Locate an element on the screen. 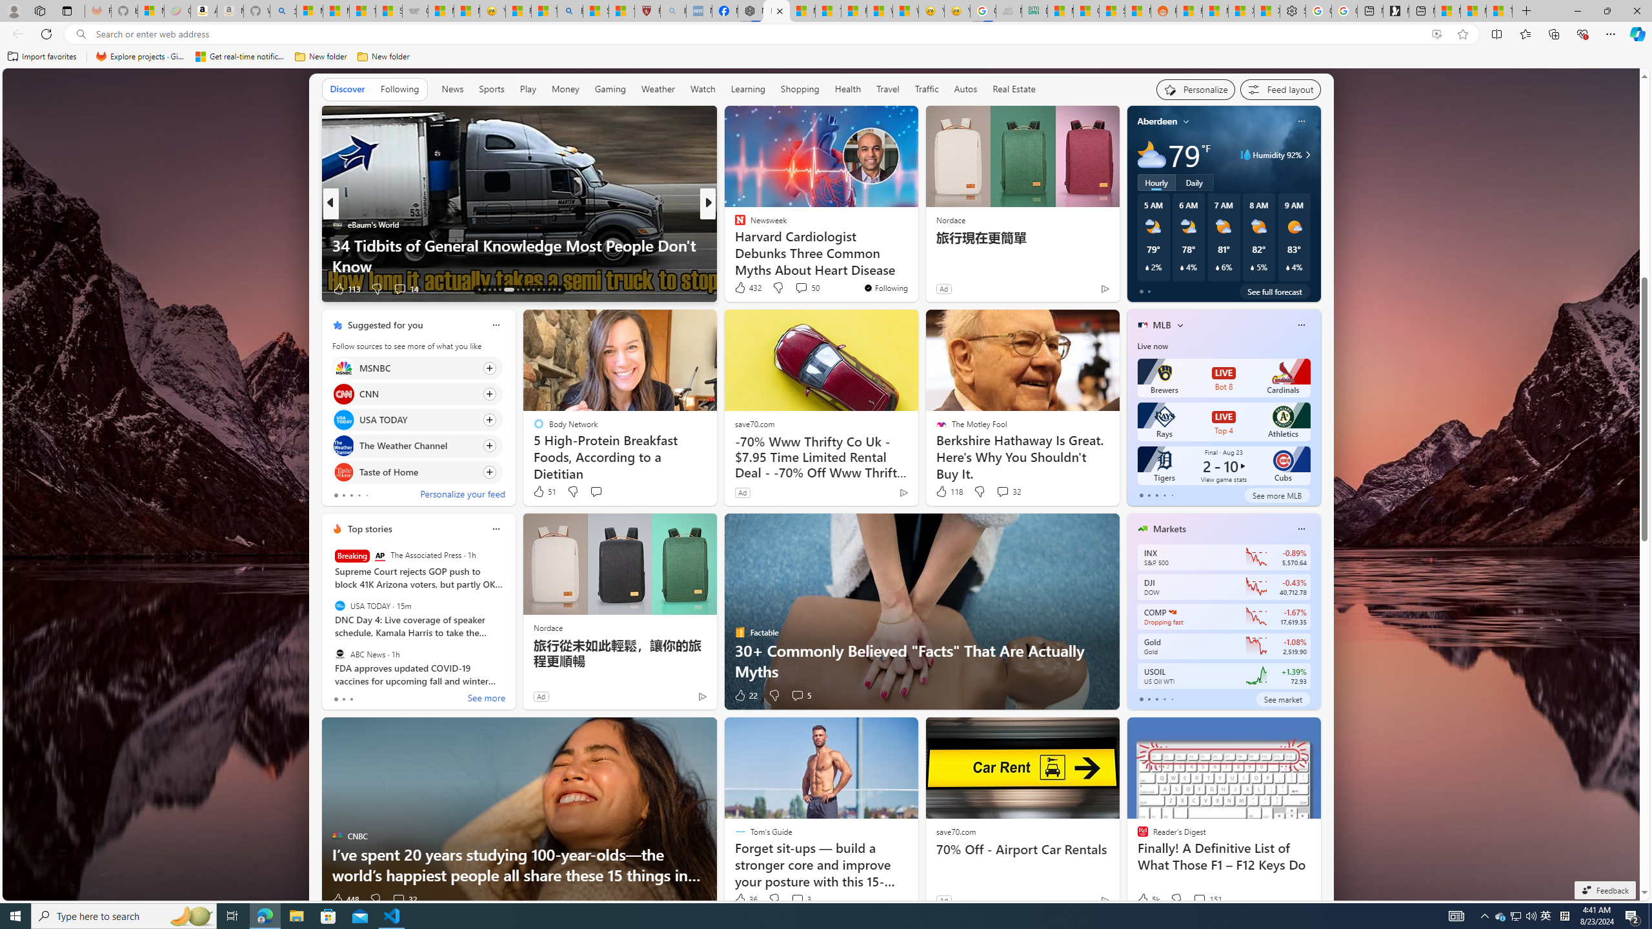  'Sports' is located at coordinates (491, 89).